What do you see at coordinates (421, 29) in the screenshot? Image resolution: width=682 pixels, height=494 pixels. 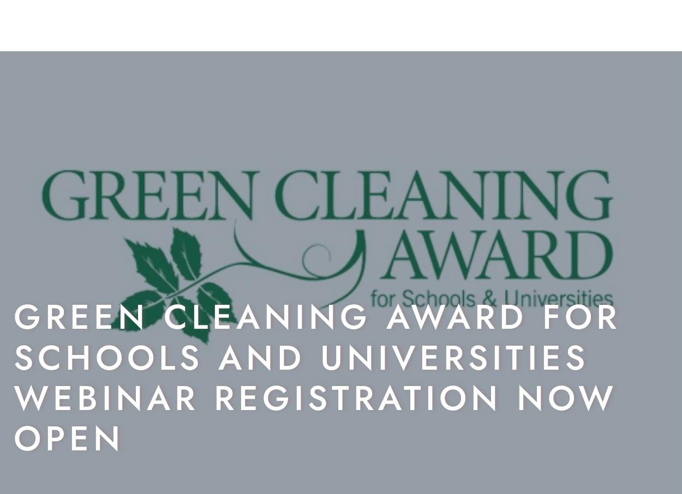 I see `'Insight'` at bounding box center [421, 29].